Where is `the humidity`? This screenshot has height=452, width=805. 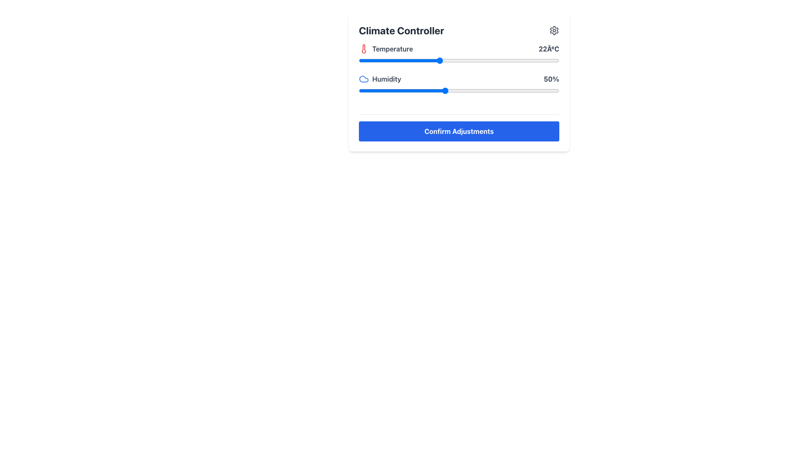
the humidity is located at coordinates (378, 90).